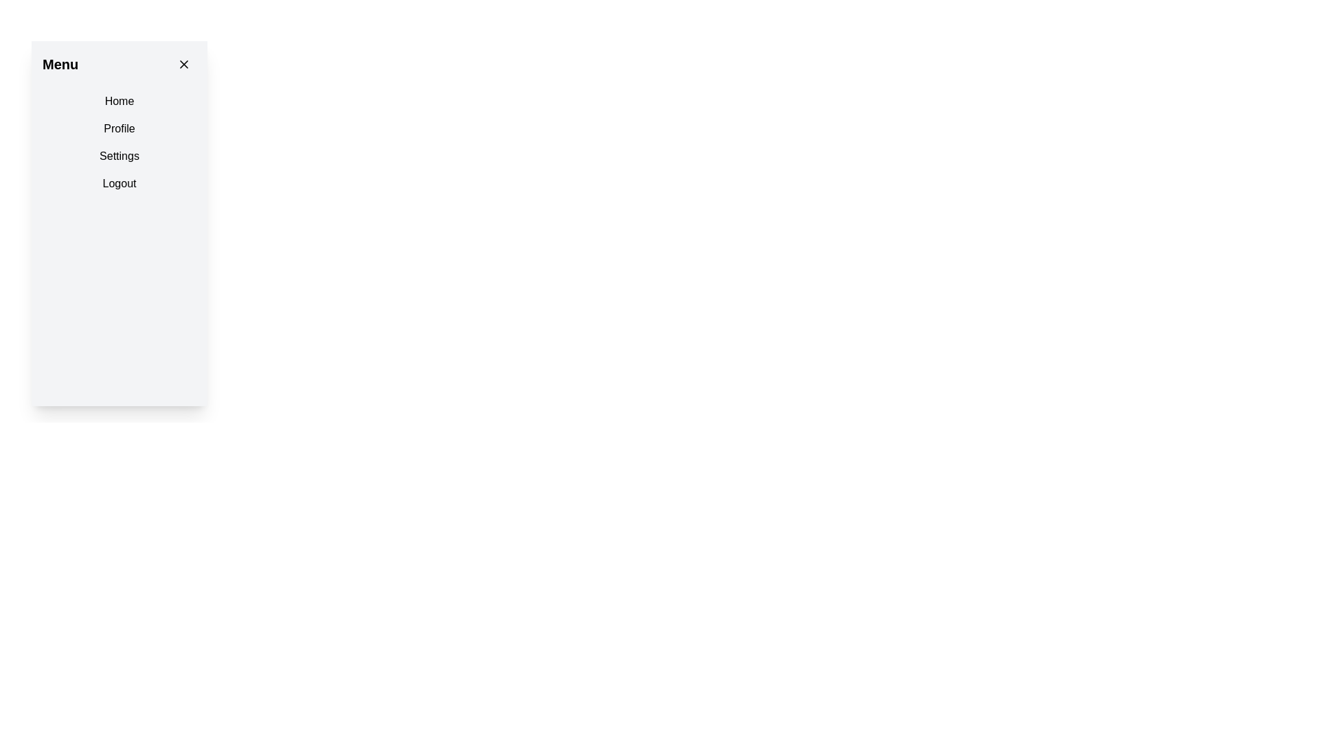 This screenshot has width=1319, height=741. Describe the element at coordinates (119, 100) in the screenshot. I see `the 'Home' textual menu item, which is the first item in the vertical list under the 'Menu' header` at that location.